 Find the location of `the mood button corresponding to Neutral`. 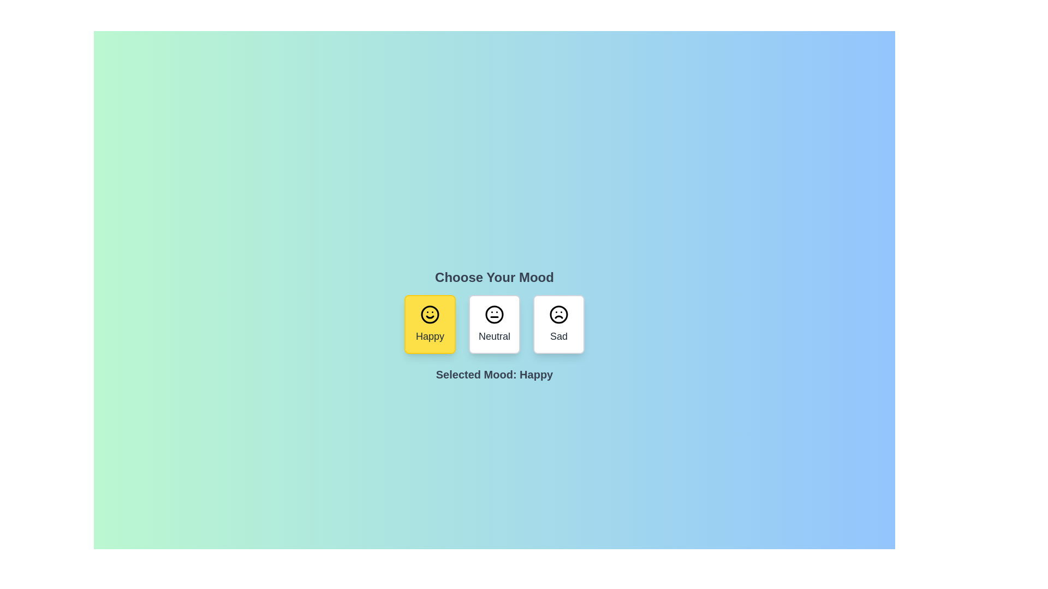

the mood button corresponding to Neutral is located at coordinates (494, 323).